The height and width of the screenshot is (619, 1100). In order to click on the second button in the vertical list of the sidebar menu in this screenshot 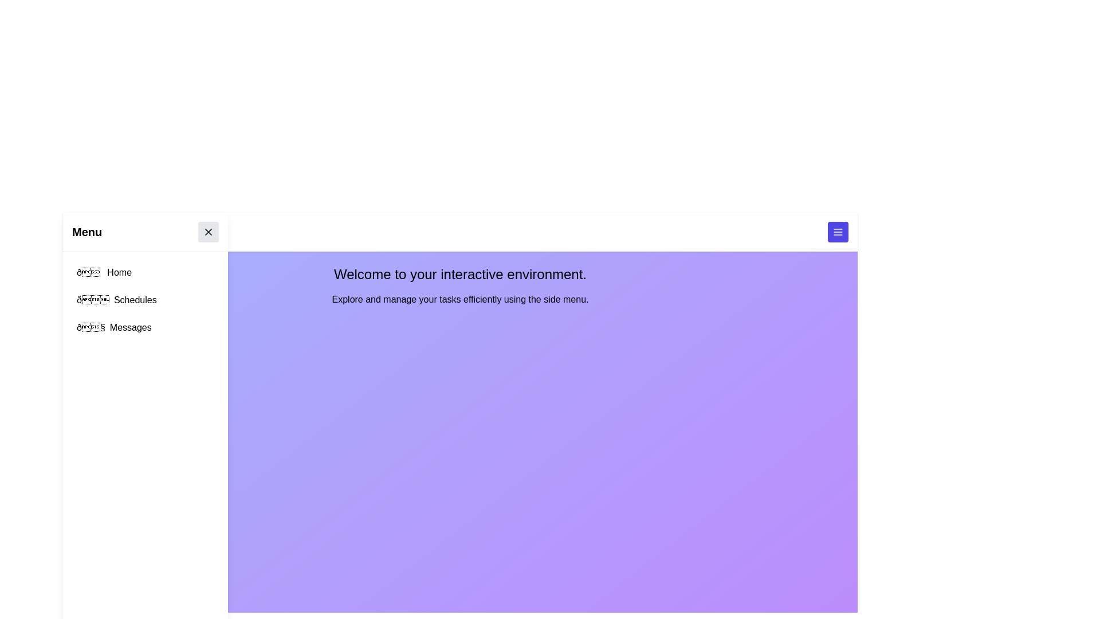, I will do `click(145, 300)`.